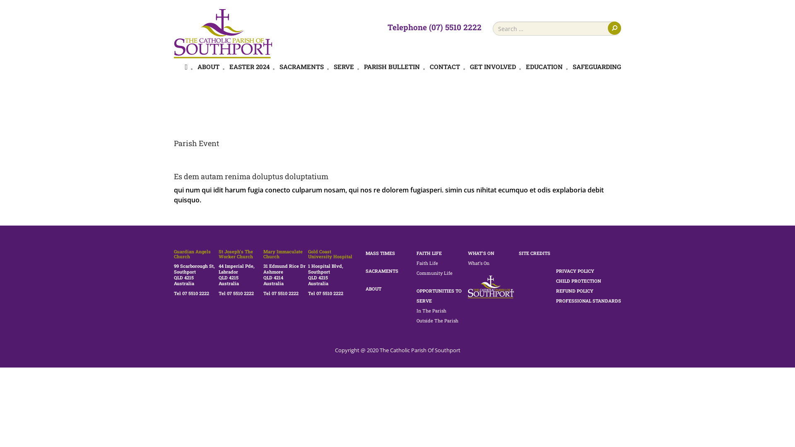  I want to click on 'GET INVOLVED', so click(493, 66).